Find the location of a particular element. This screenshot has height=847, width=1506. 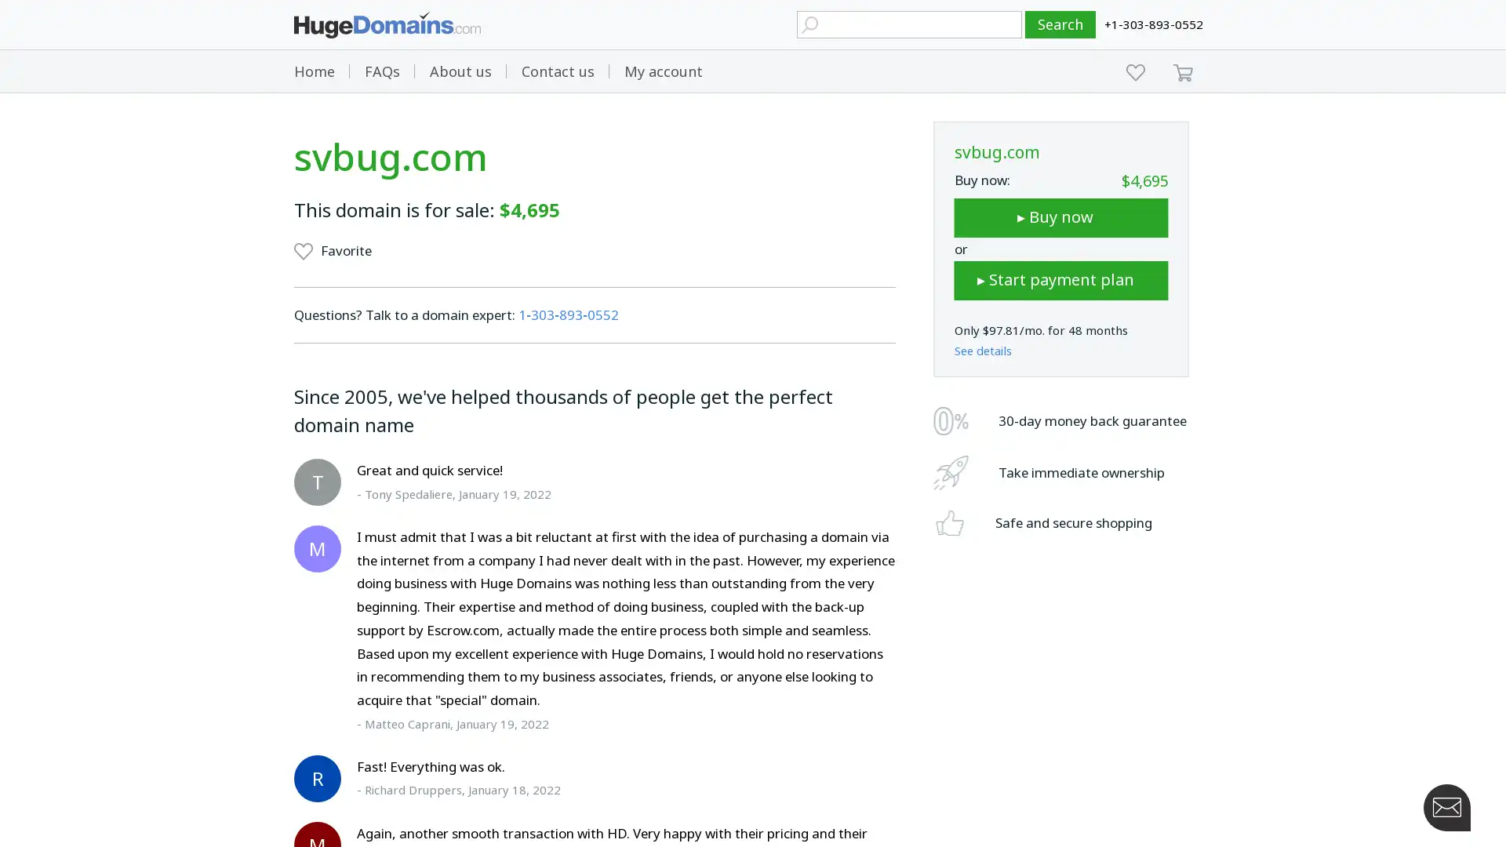

Search is located at coordinates (1060, 24).